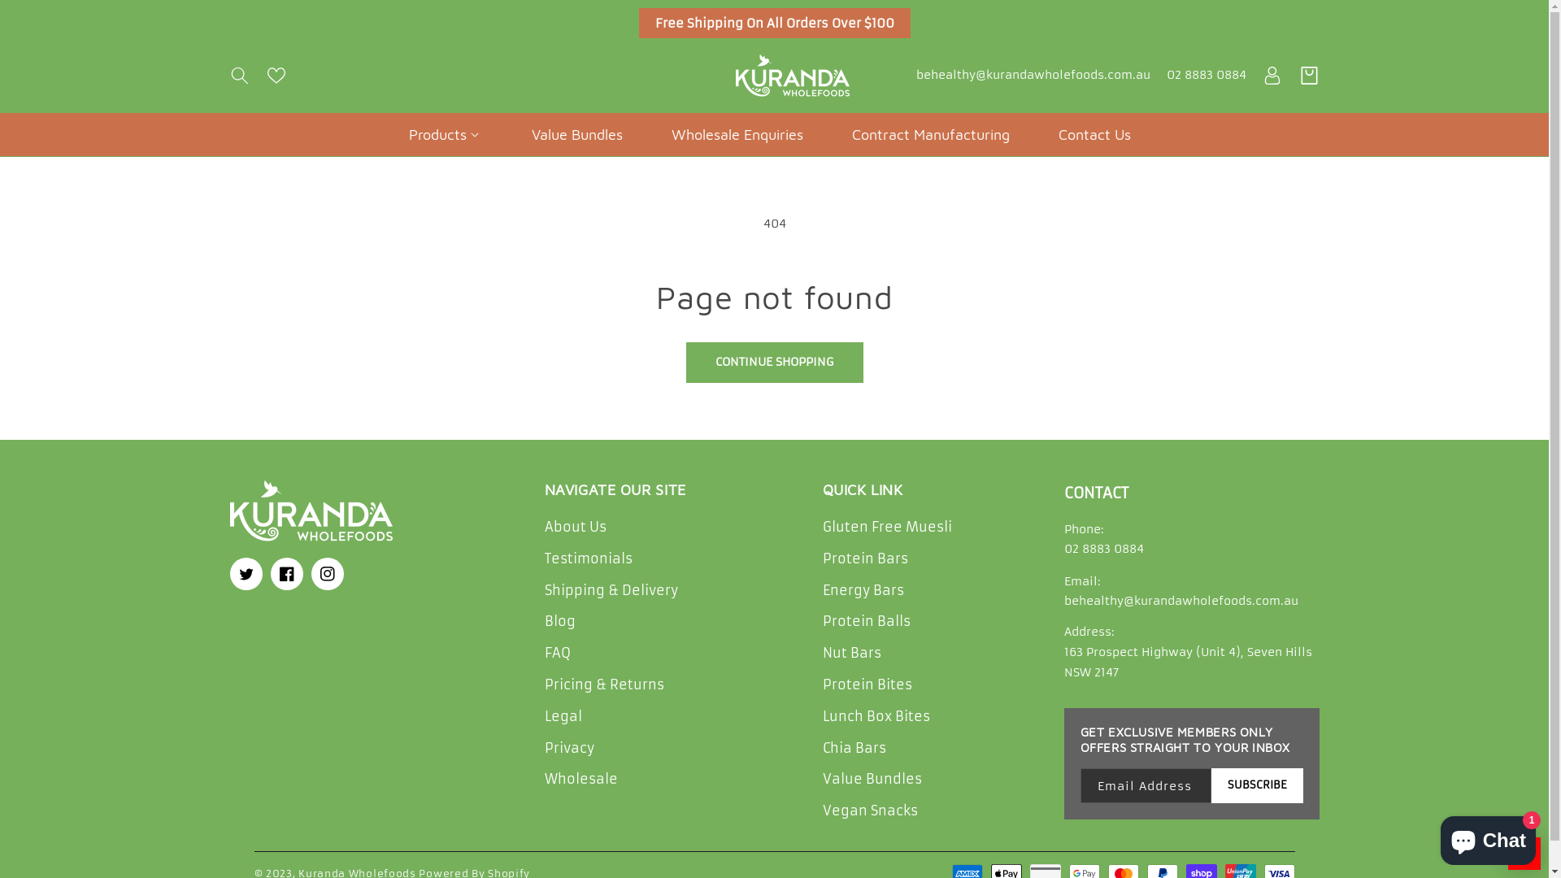  What do you see at coordinates (1309, 75) in the screenshot?
I see `'Cart'` at bounding box center [1309, 75].